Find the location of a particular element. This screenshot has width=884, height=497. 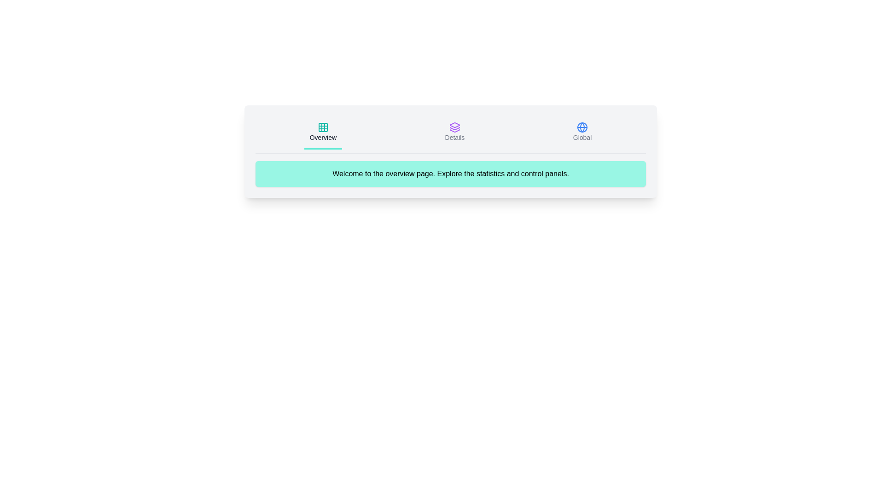

the icon corresponding to Global is located at coordinates (582, 133).